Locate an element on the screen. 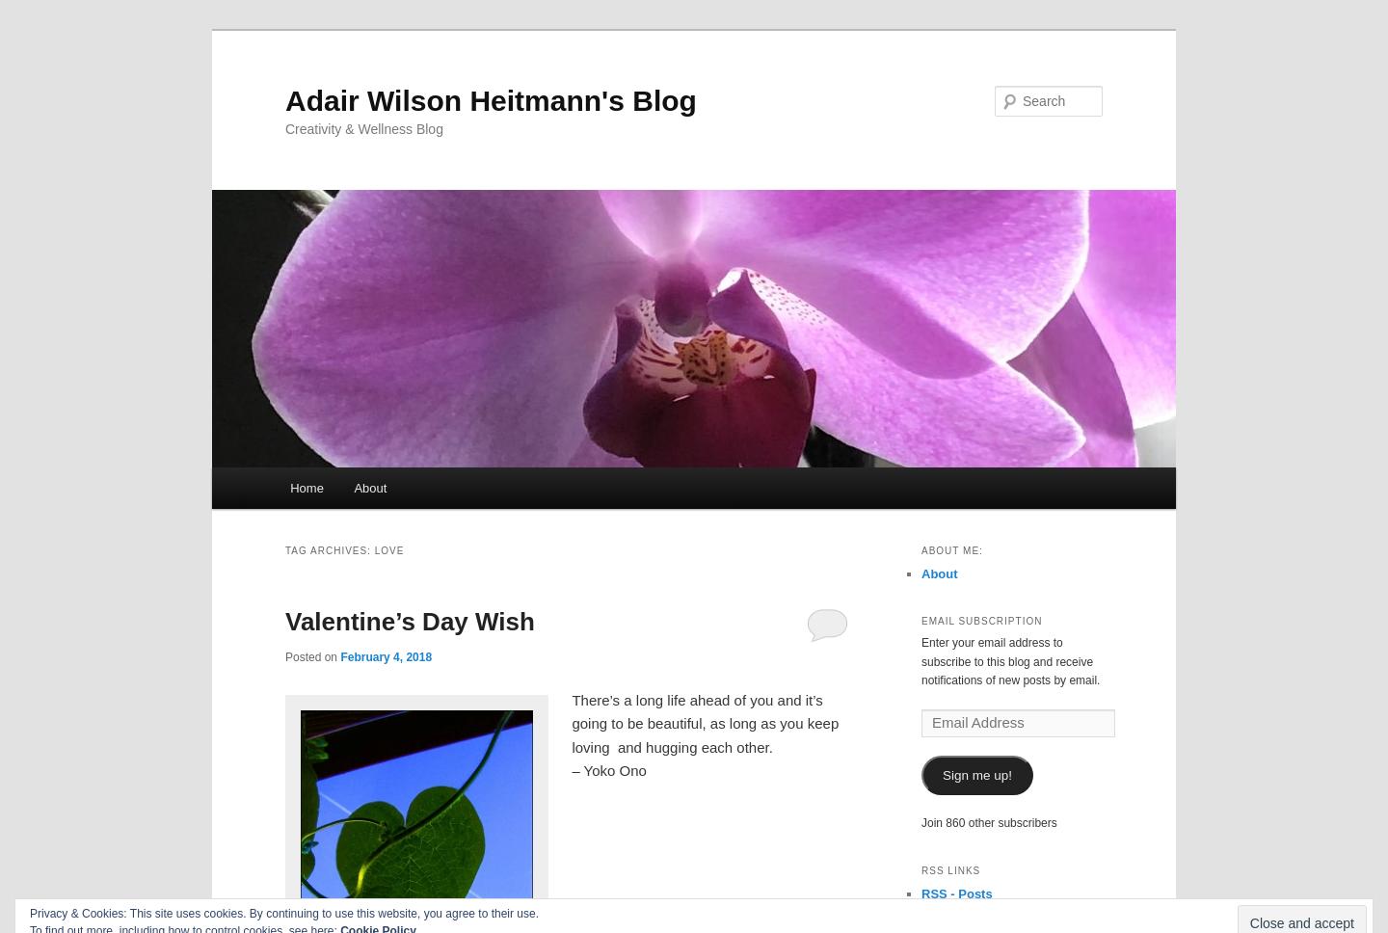 The height and width of the screenshot is (933, 1388). 'February 4, 2018' is located at coordinates (385, 655).